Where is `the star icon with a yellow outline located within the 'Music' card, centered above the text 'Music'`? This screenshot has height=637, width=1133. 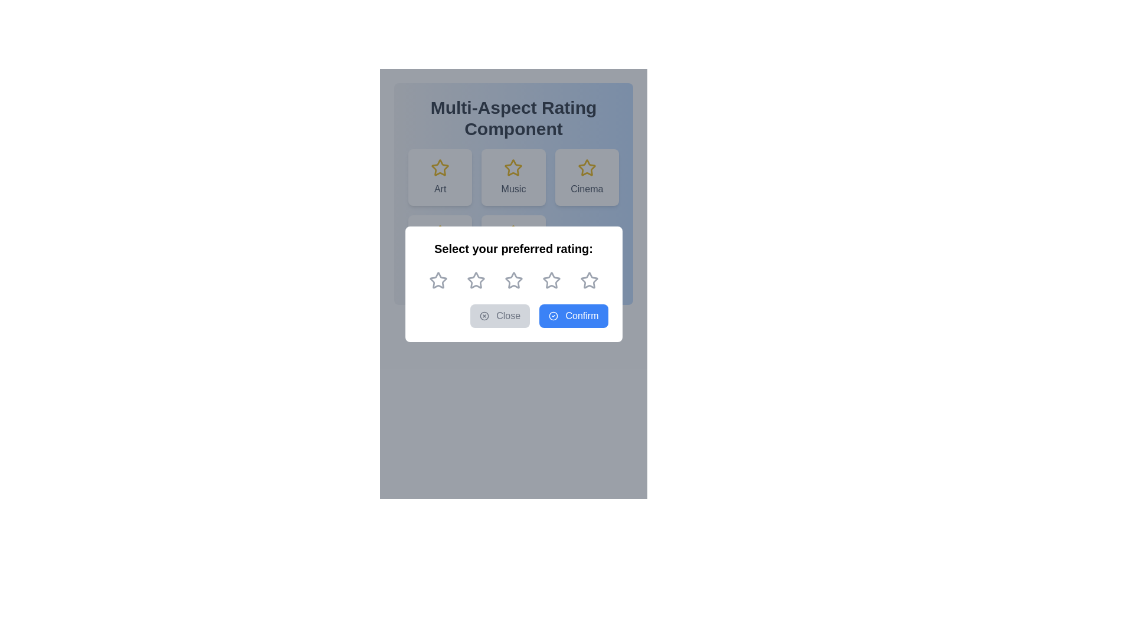 the star icon with a yellow outline located within the 'Music' card, centered above the text 'Music' is located at coordinates (513, 168).